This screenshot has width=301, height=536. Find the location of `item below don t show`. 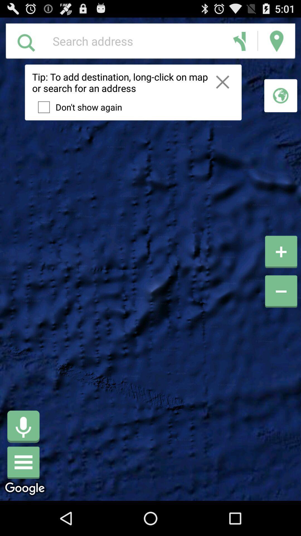

item below don t show is located at coordinates (23, 426).